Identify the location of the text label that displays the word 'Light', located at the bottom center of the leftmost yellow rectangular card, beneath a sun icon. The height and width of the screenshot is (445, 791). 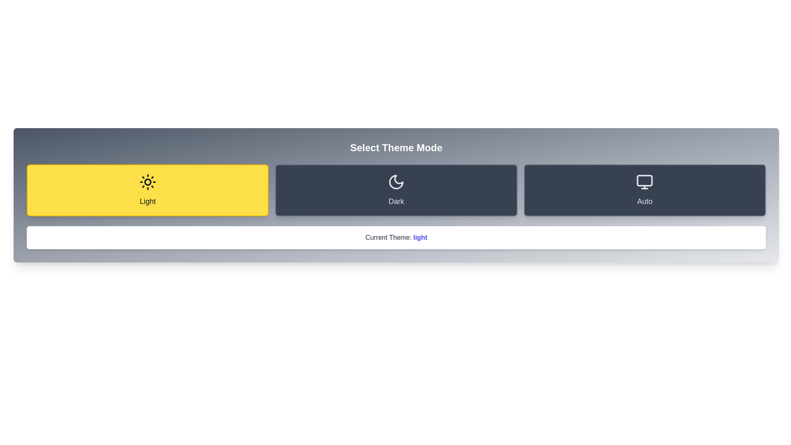
(147, 201).